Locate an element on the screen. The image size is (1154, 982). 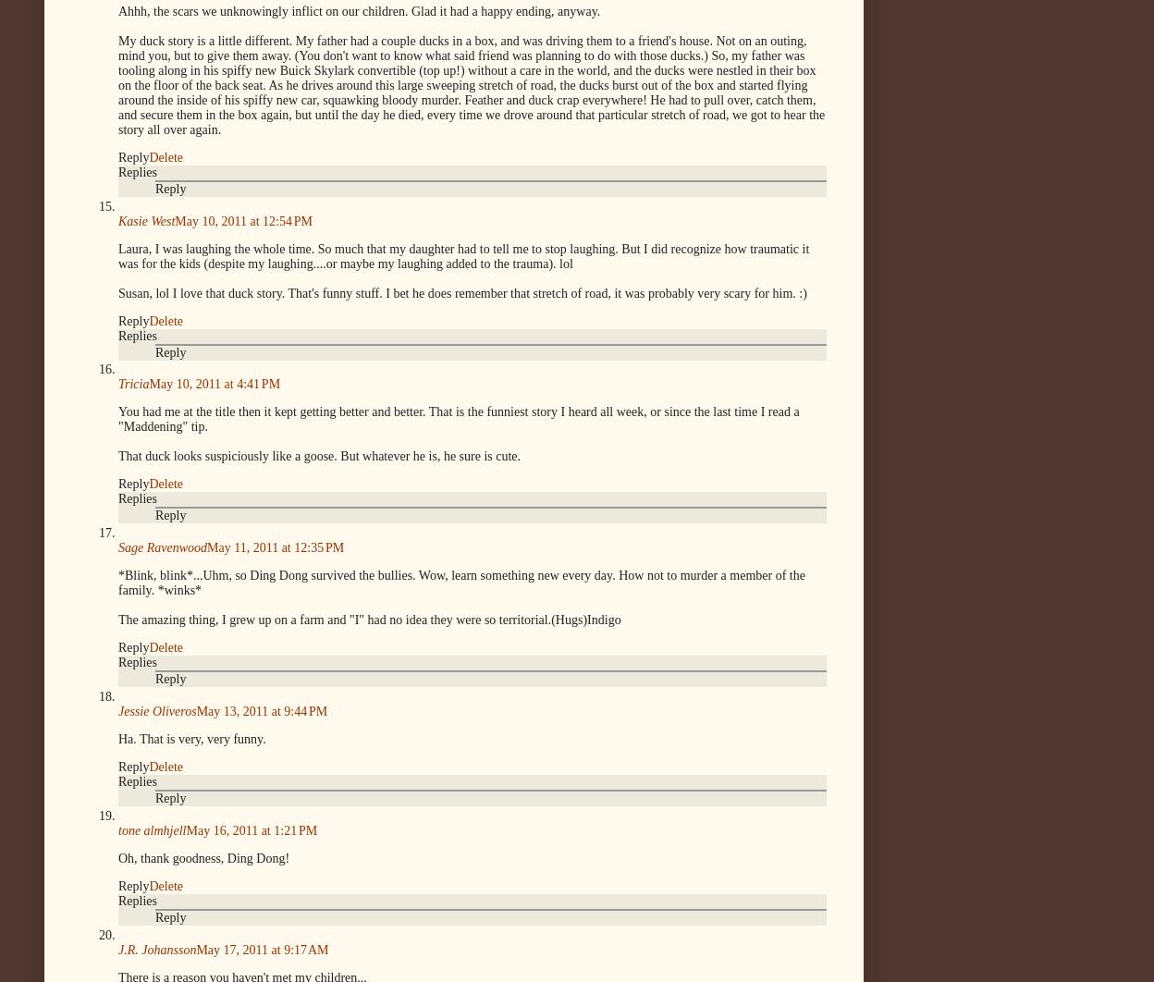
'Kasie West' is located at coordinates (118, 220).